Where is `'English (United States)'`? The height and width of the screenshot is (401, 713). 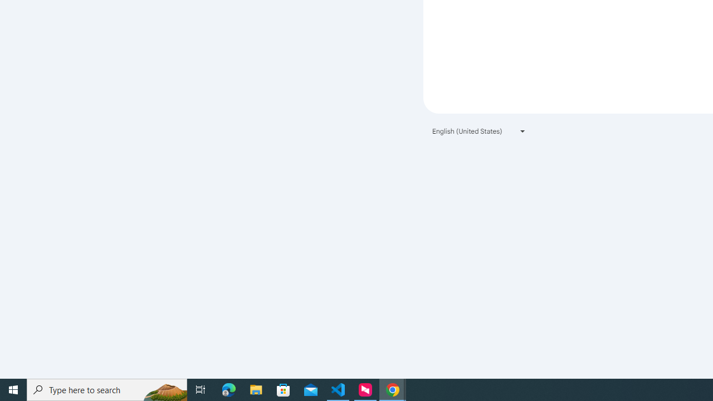
'English (United States)' is located at coordinates (479, 130).